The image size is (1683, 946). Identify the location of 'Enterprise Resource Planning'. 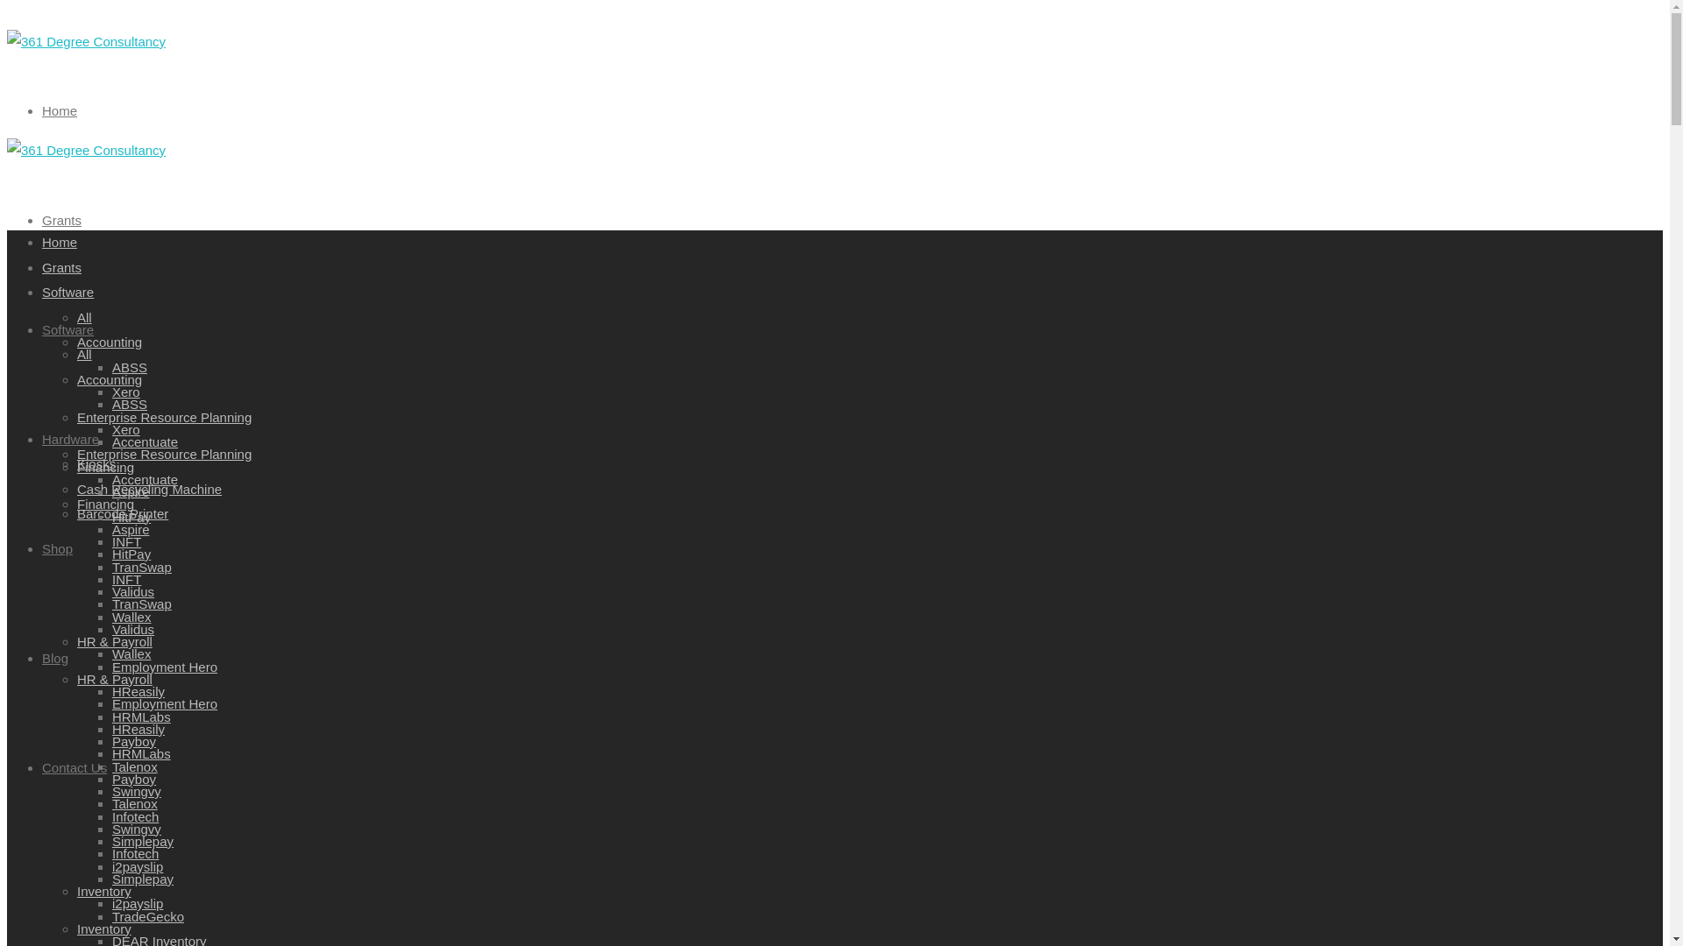
(164, 417).